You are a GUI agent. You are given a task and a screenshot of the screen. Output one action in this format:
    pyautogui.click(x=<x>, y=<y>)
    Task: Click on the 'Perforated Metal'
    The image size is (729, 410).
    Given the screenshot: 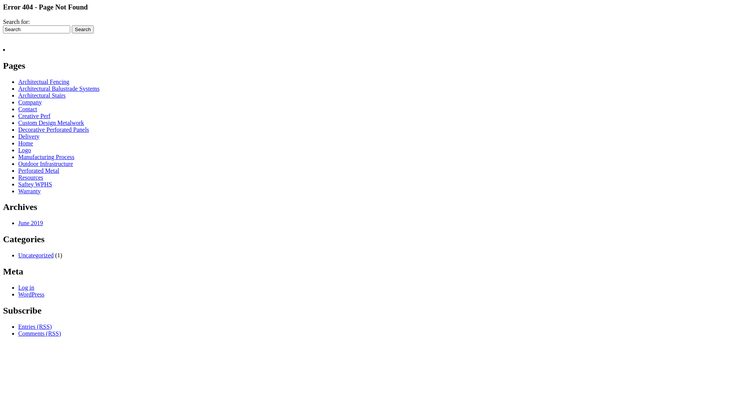 What is the action you would take?
    pyautogui.click(x=38, y=170)
    